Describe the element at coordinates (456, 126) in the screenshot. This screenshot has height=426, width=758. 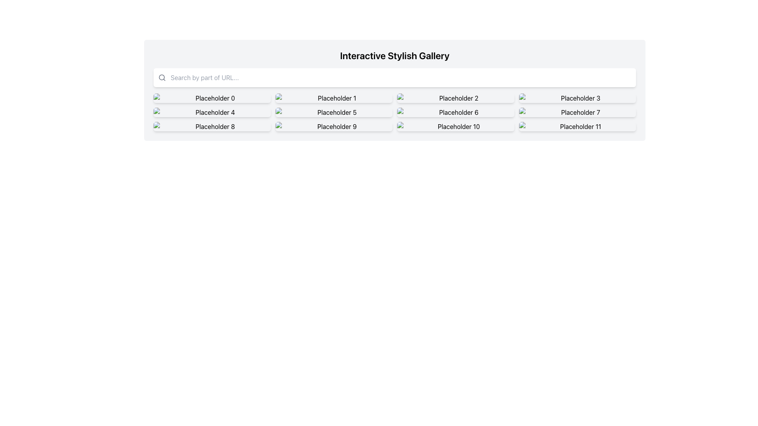
I see `the Gallery Item labeled 'Placeholder 10', which is a graphical placeholder with a rounded border and shadow, located in the bottom row of a three-row grid, specifically the third cell` at that location.